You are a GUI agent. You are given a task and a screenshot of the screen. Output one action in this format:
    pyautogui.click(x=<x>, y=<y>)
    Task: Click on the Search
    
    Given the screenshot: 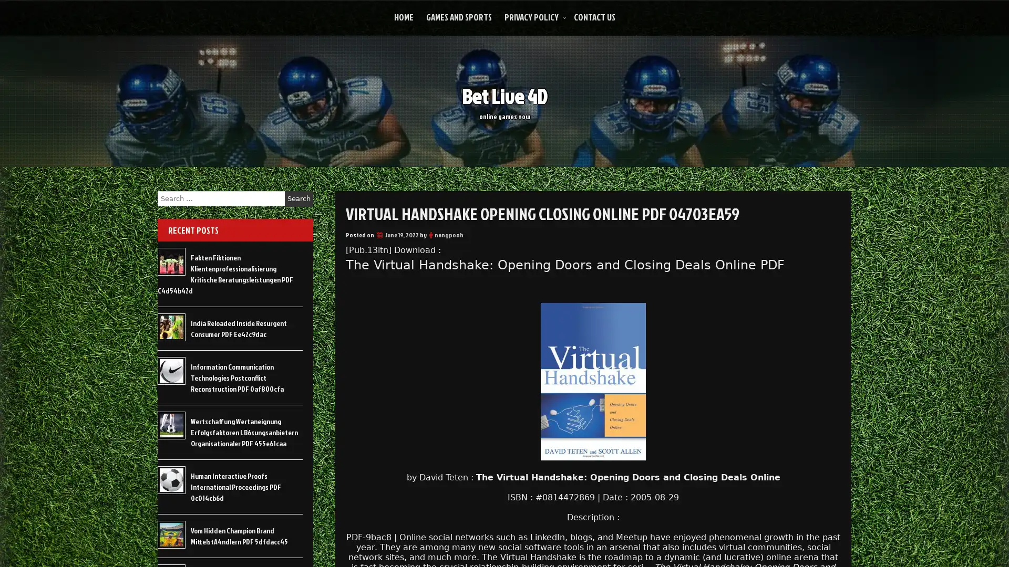 What is the action you would take?
    pyautogui.click(x=298, y=198)
    